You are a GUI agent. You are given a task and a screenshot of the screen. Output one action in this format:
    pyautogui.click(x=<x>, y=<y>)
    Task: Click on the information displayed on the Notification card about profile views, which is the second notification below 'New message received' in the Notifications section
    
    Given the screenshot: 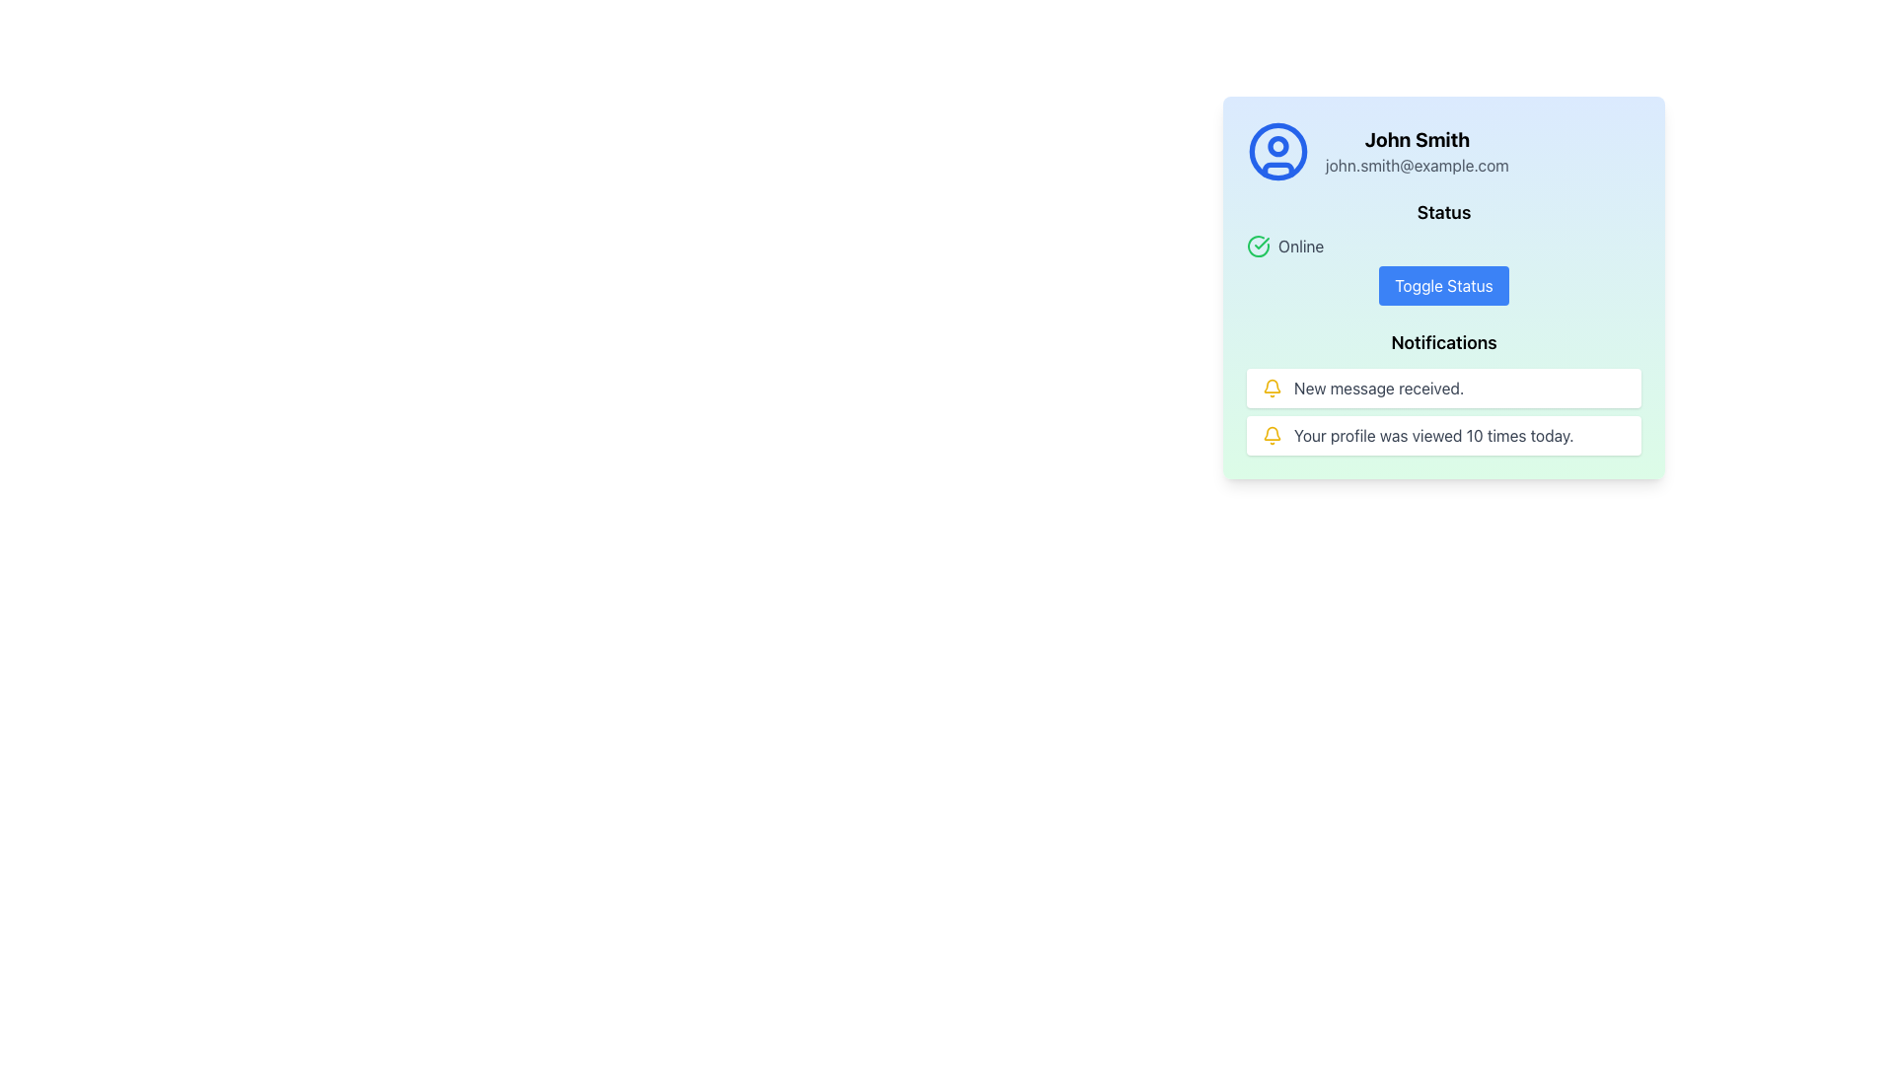 What is the action you would take?
    pyautogui.click(x=1444, y=410)
    